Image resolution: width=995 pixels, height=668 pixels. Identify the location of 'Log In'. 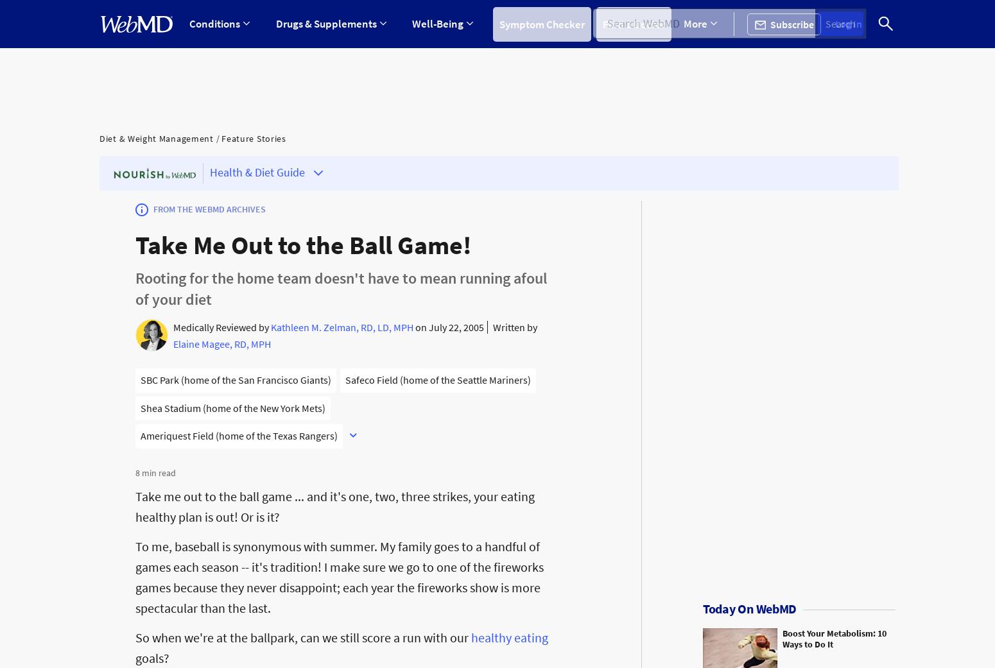
(852, 22).